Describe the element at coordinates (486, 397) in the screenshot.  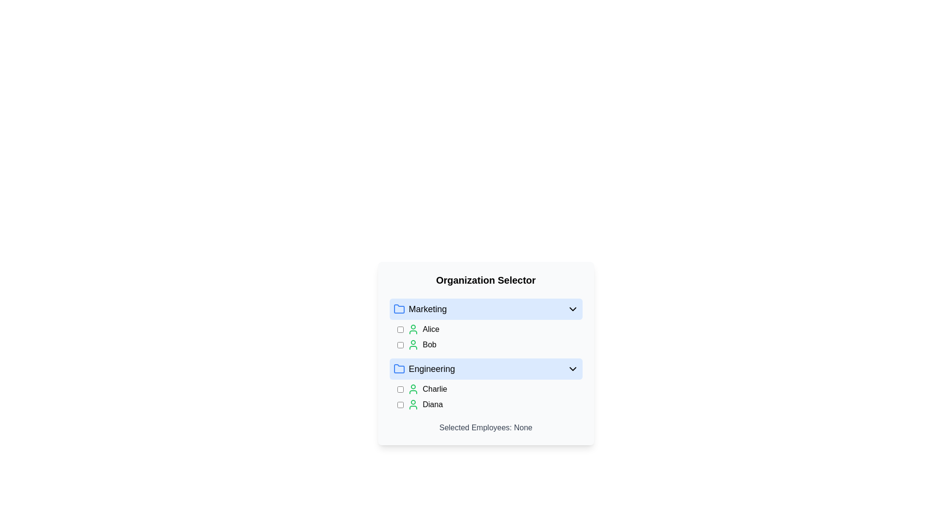
I see `the checkbox next to 'Charlie' or 'Diana' in the selectable list within the 'Engineering' category of the 'Organization Selector'` at that location.